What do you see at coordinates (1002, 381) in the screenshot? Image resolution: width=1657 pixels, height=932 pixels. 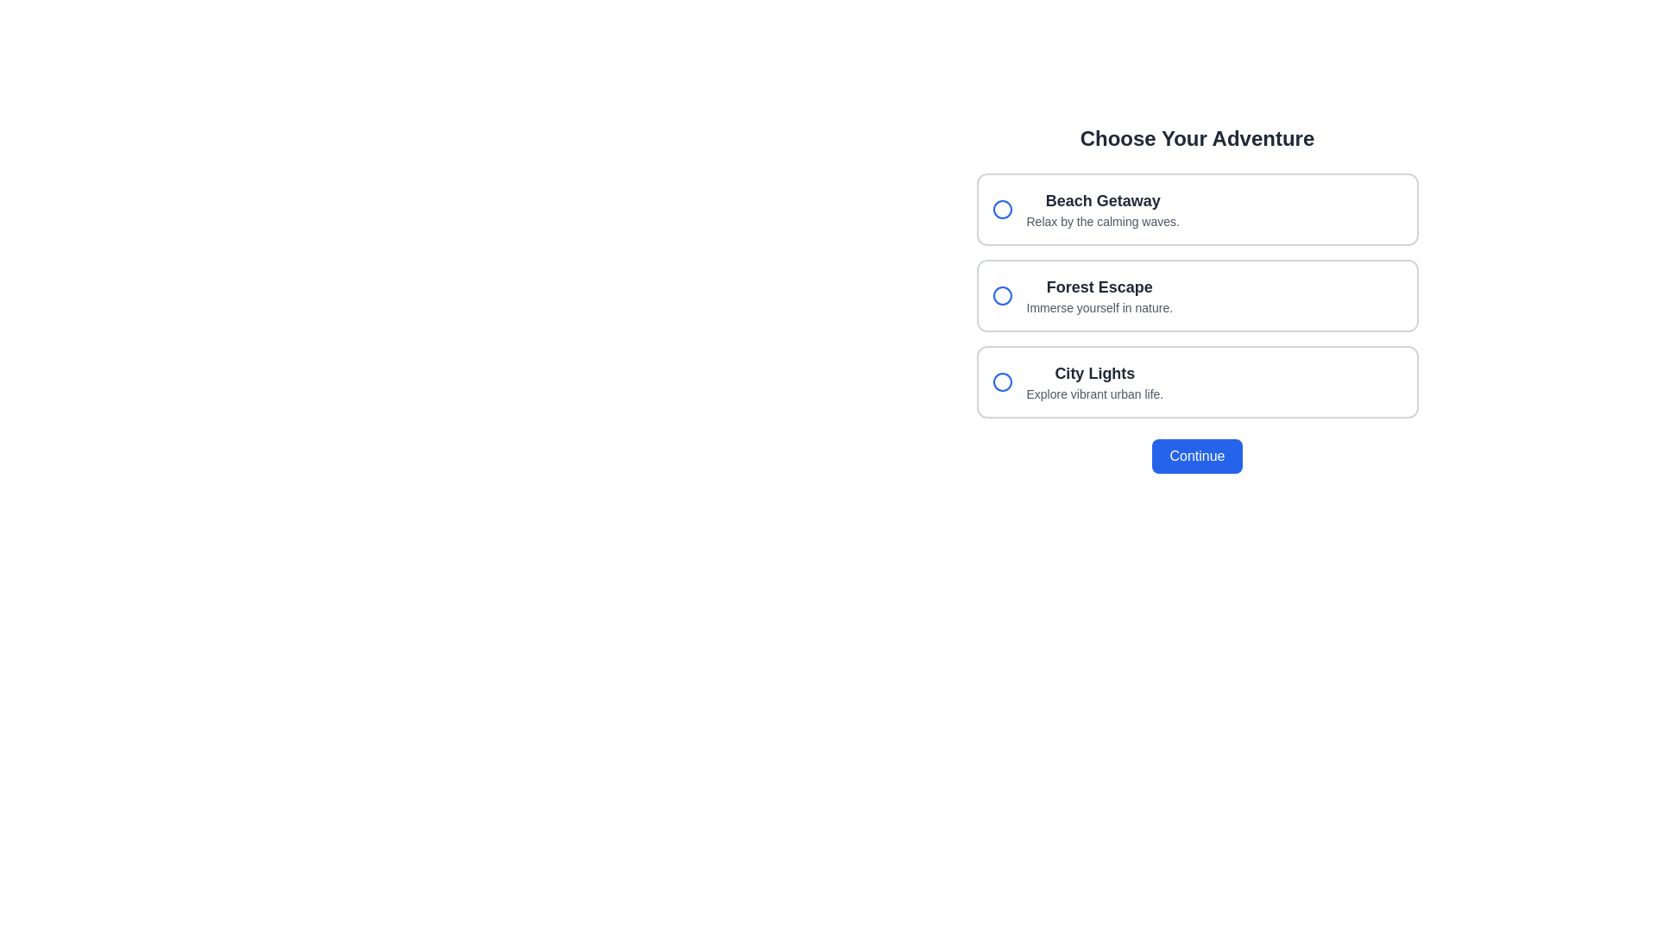 I see `the unselected radio button for the option labeled 'City Lights'` at bounding box center [1002, 381].